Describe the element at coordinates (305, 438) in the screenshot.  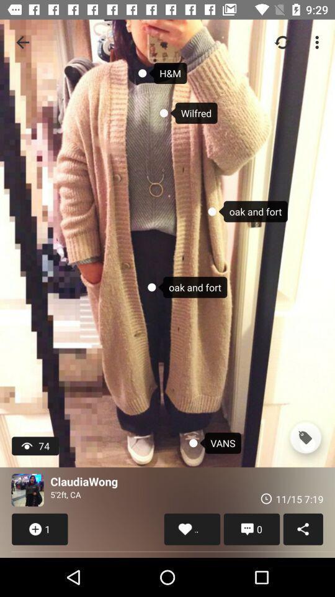
I see `bookmark icon` at that location.